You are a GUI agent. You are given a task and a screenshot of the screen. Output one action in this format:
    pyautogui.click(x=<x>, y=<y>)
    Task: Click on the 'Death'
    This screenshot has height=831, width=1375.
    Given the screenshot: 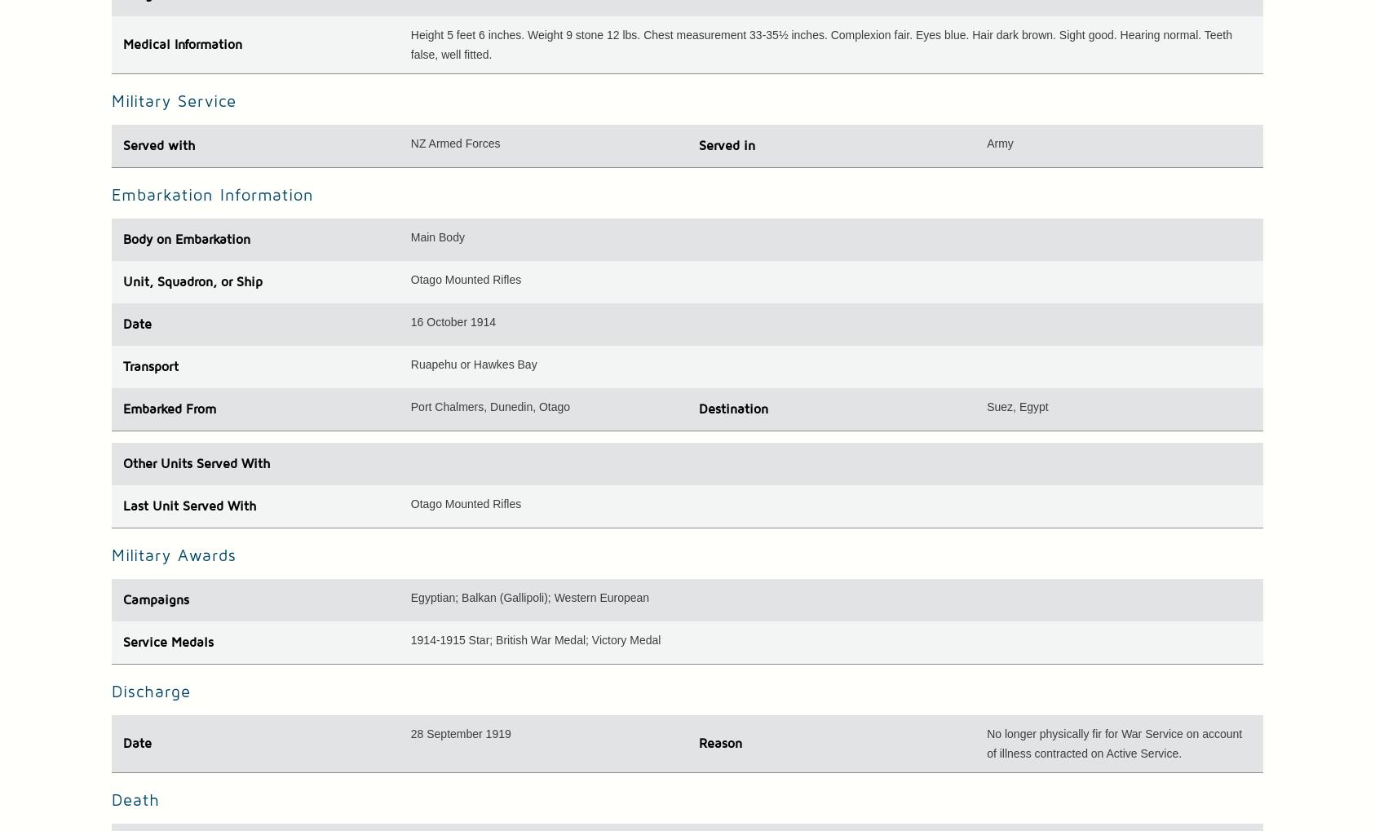 What is the action you would take?
    pyautogui.click(x=110, y=799)
    